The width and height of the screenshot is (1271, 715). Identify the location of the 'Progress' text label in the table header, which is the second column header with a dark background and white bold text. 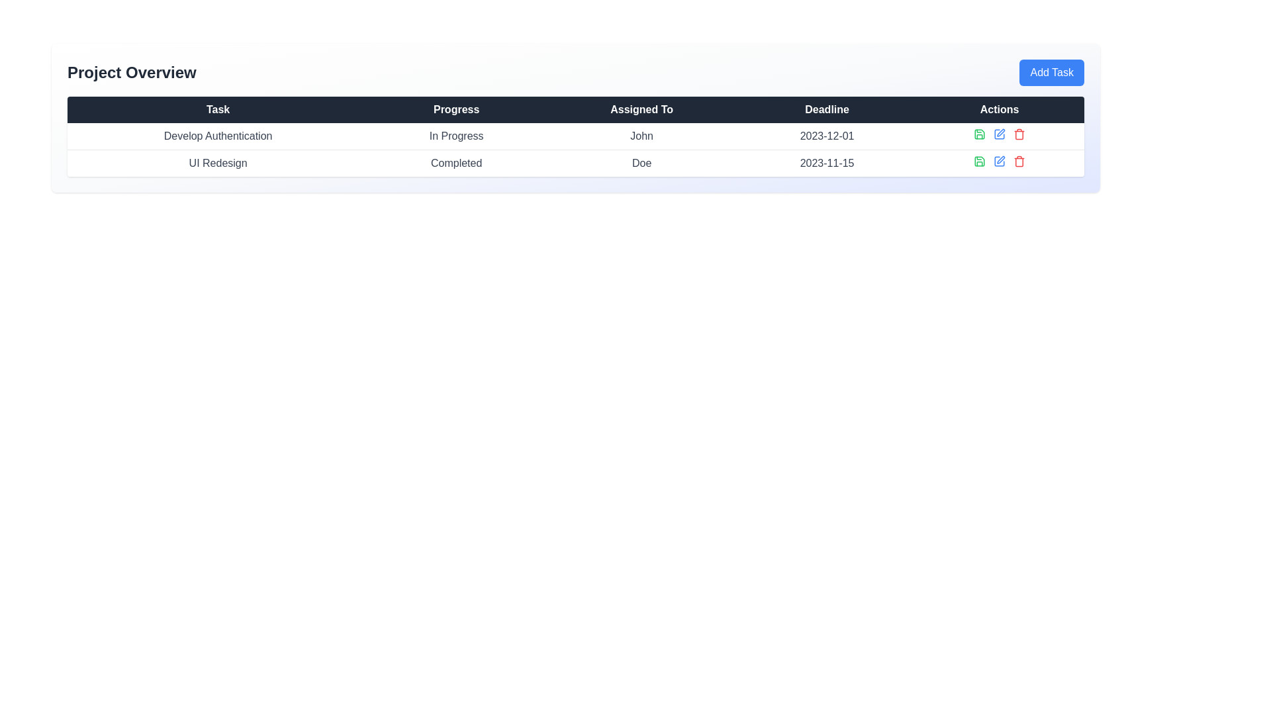
(456, 109).